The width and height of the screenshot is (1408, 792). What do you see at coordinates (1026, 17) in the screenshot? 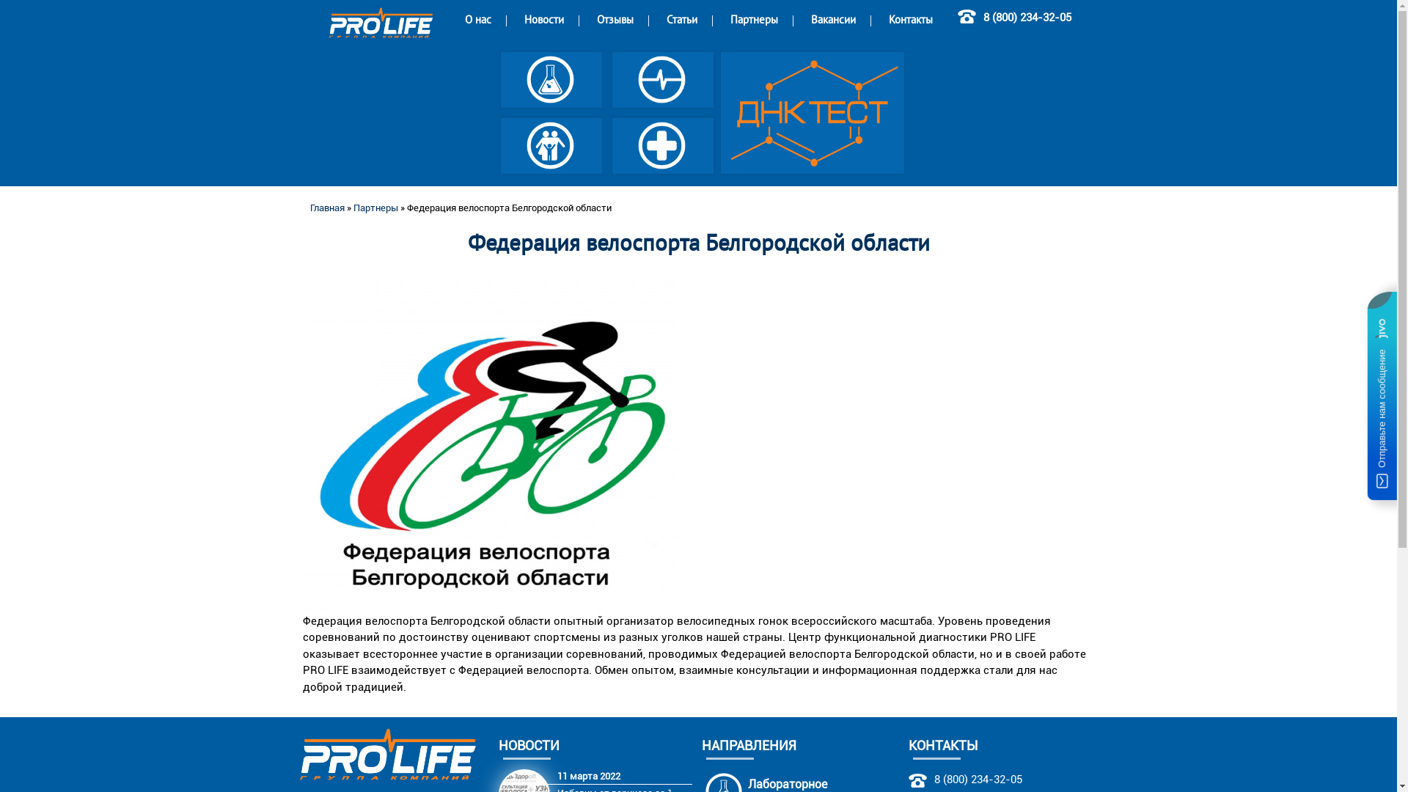
I see `'8 (800) 234-32-05'` at bounding box center [1026, 17].